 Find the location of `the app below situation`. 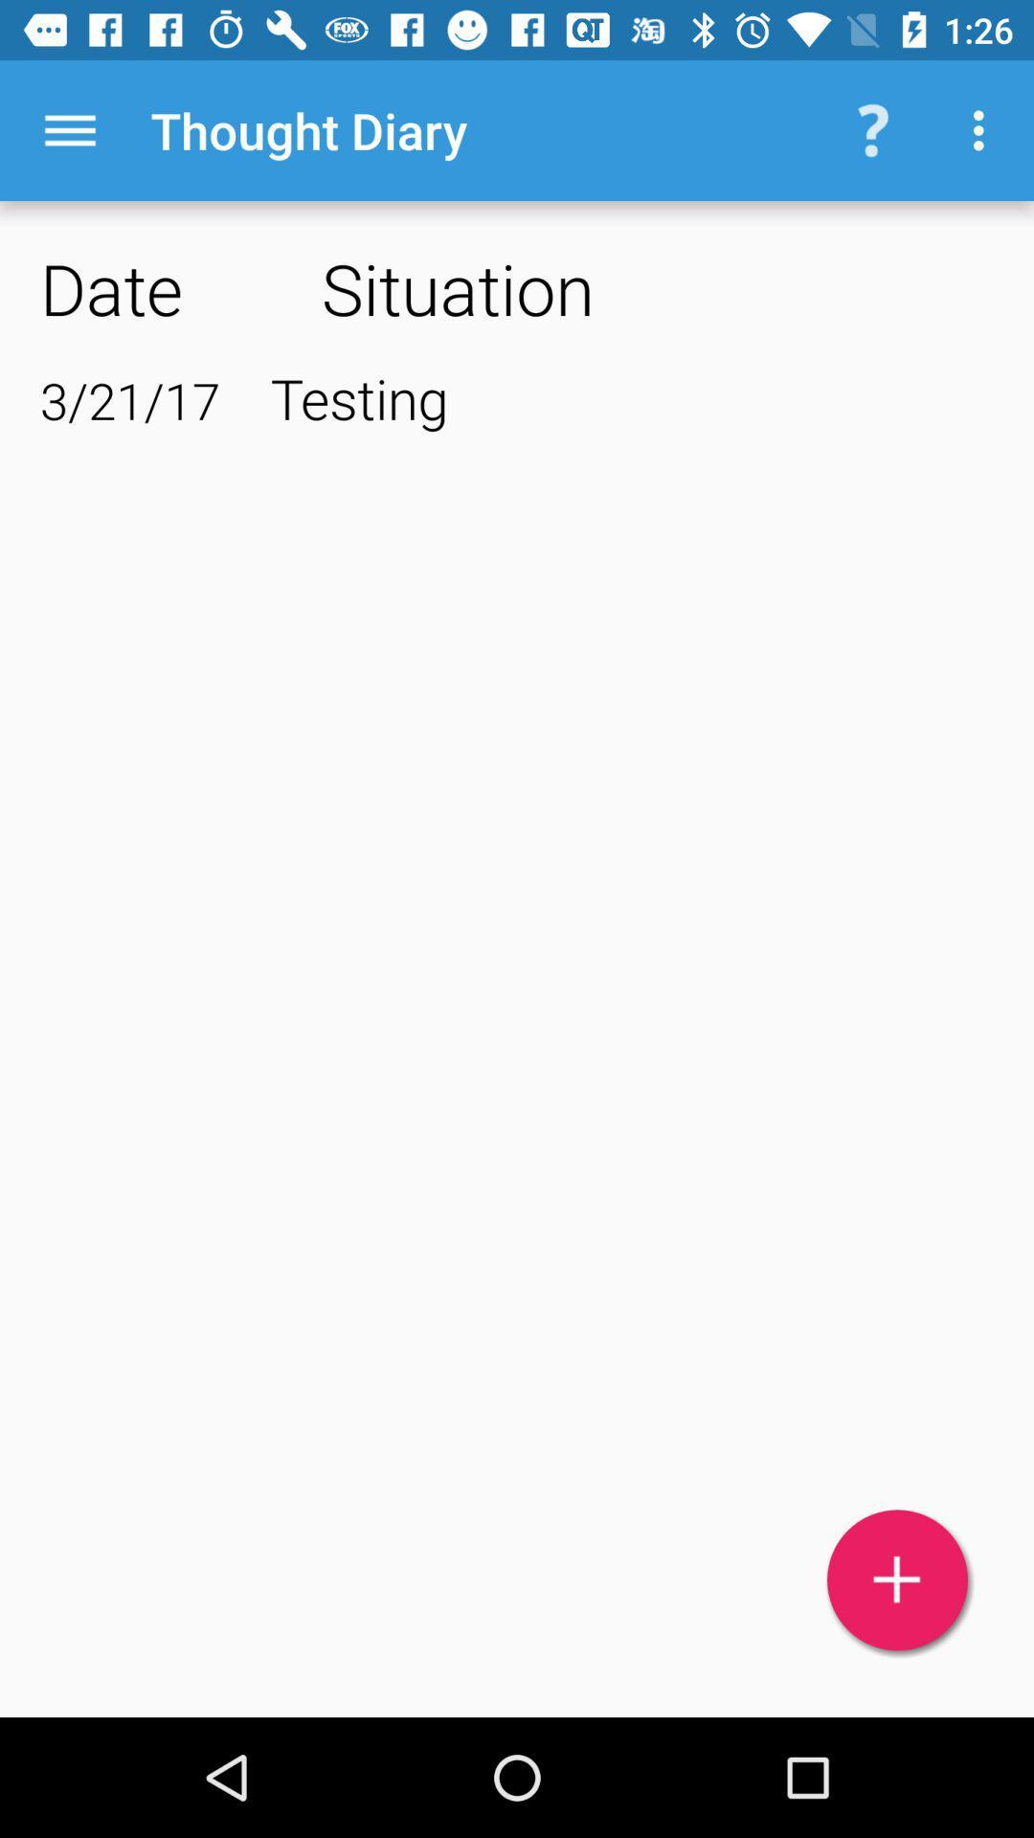

the app below situation is located at coordinates (632, 396).